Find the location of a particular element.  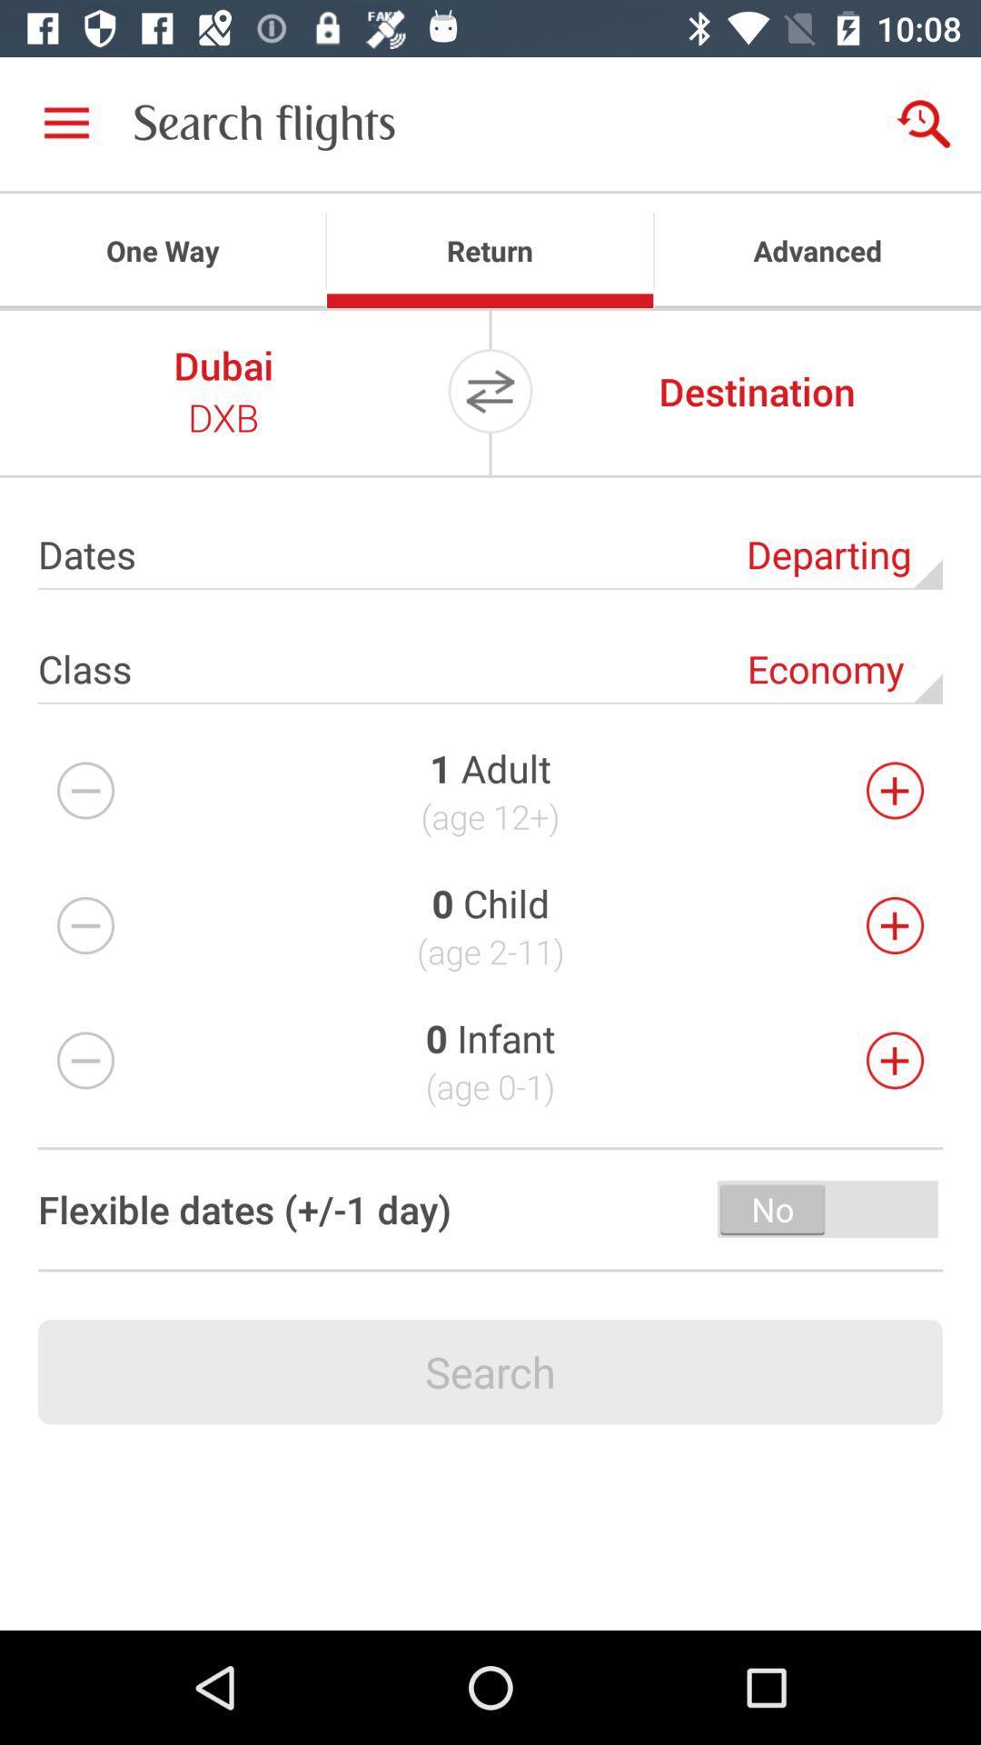

the minus icon is located at coordinates (85, 925).